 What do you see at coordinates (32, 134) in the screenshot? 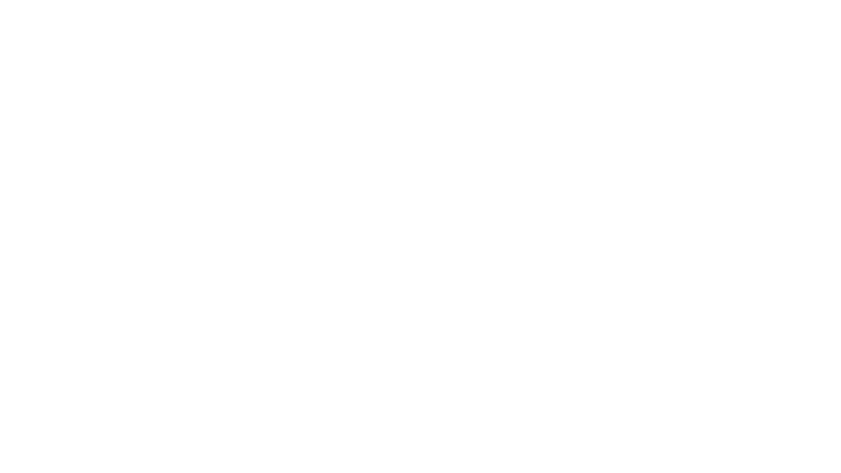
I see `Play` at bounding box center [32, 134].